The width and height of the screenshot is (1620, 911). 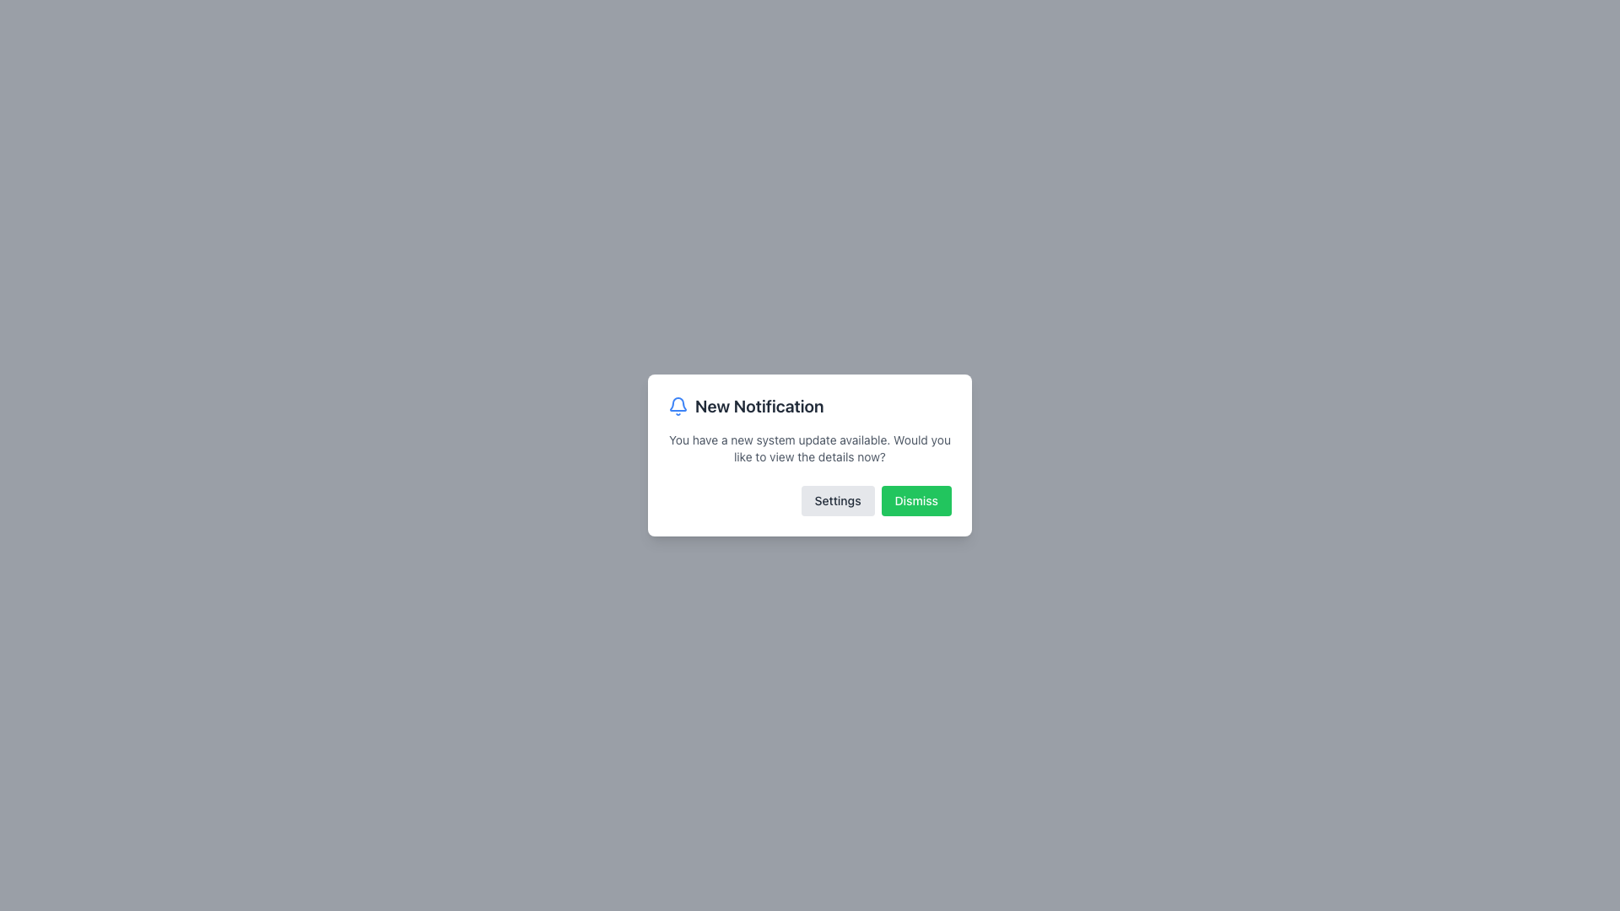 What do you see at coordinates (838, 500) in the screenshot?
I see `the 'Settings' button, which is a rectangular button with a gray background, rounded corners, and black text, located at the lower right section of a notification modal window` at bounding box center [838, 500].